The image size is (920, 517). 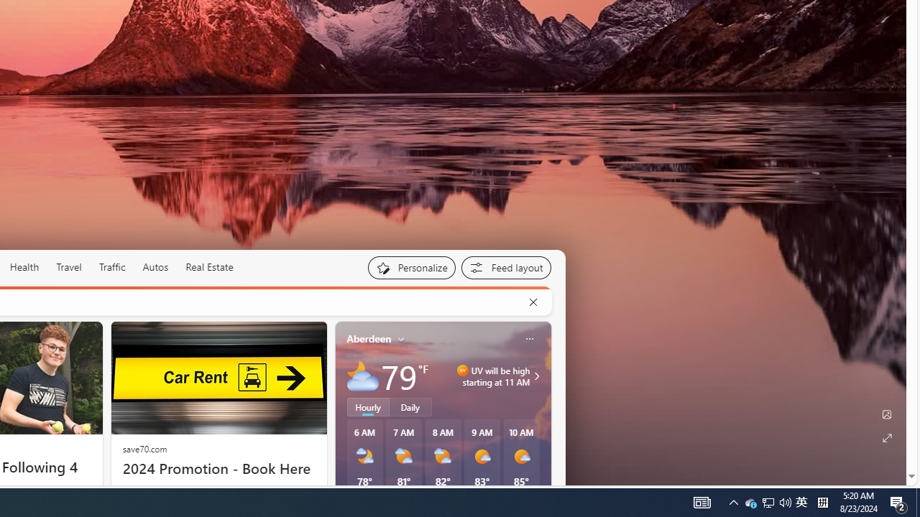 I want to click on 'Autos', so click(x=155, y=266).